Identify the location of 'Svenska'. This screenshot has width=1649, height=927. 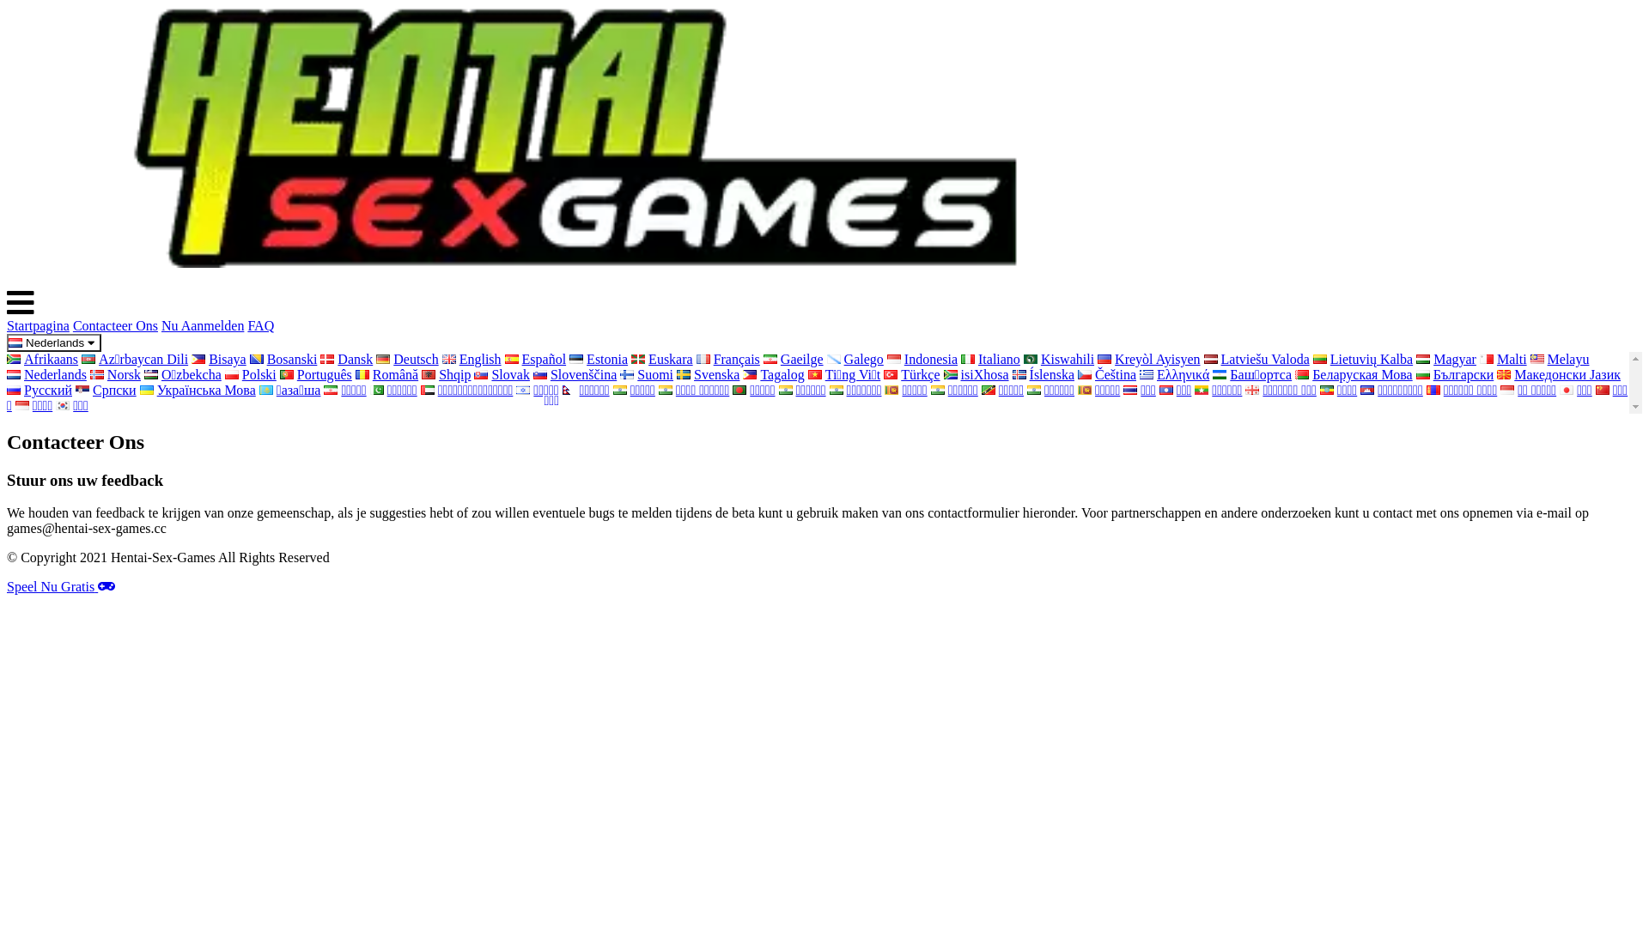
(708, 373).